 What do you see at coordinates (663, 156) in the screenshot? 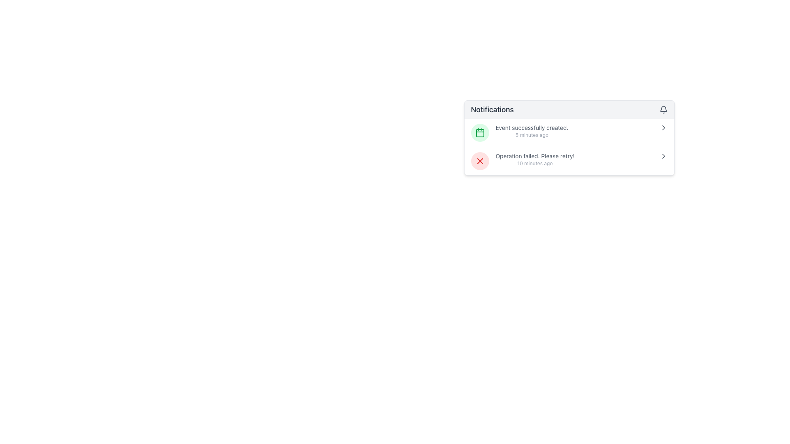
I see `the chevron arrow icon, which is an interactive element indicating a retry action in the notification stating 'Operation failed. Please retry!'` at bounding box center [663, 156].